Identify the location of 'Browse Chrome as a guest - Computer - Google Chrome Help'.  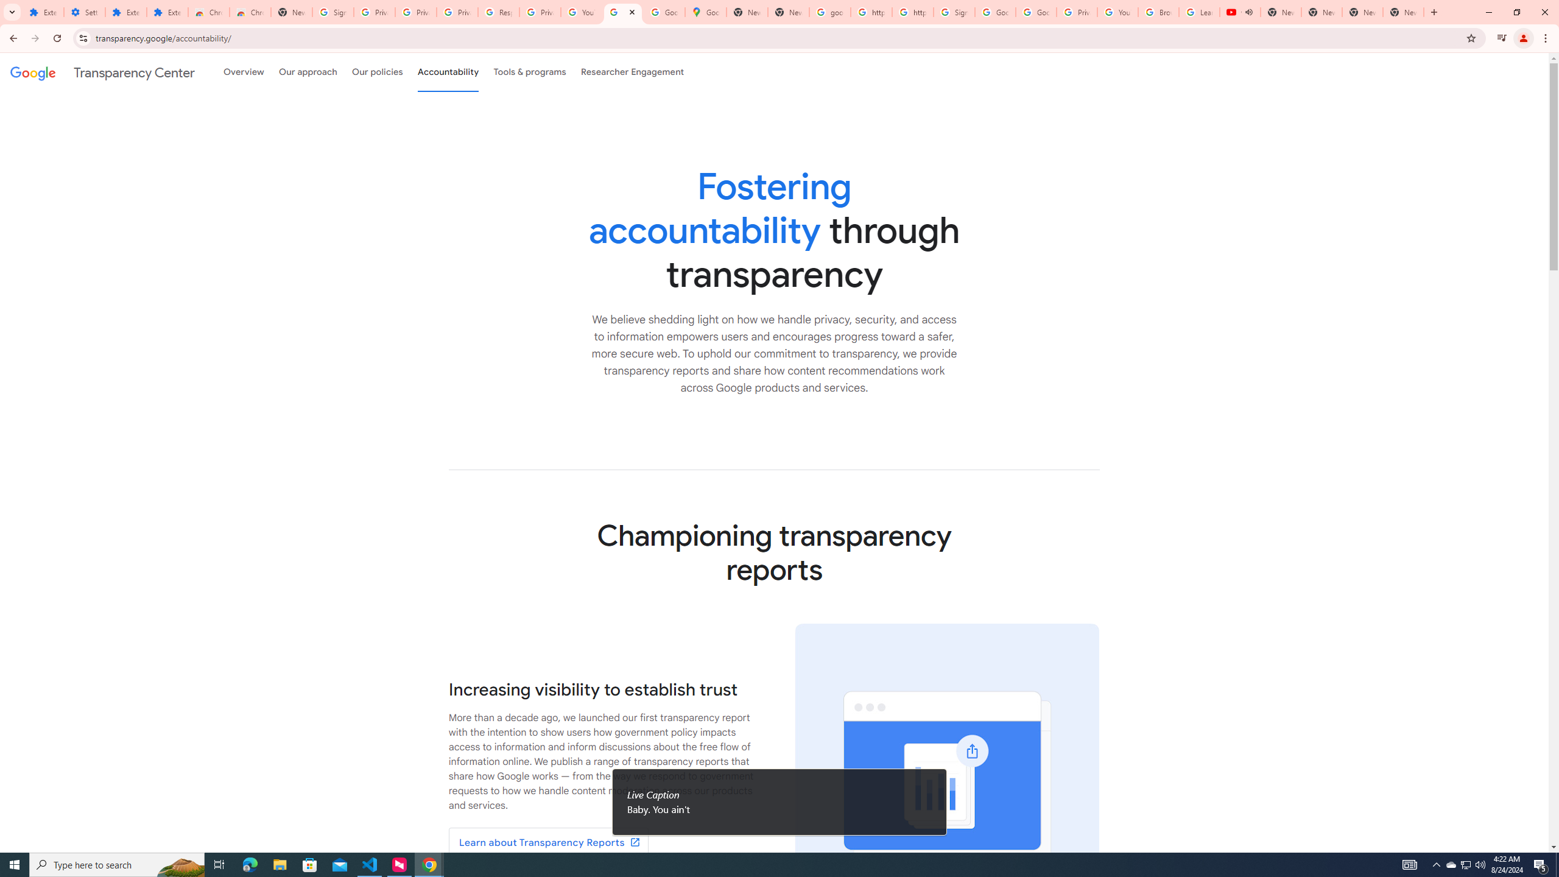
(1159, 12).